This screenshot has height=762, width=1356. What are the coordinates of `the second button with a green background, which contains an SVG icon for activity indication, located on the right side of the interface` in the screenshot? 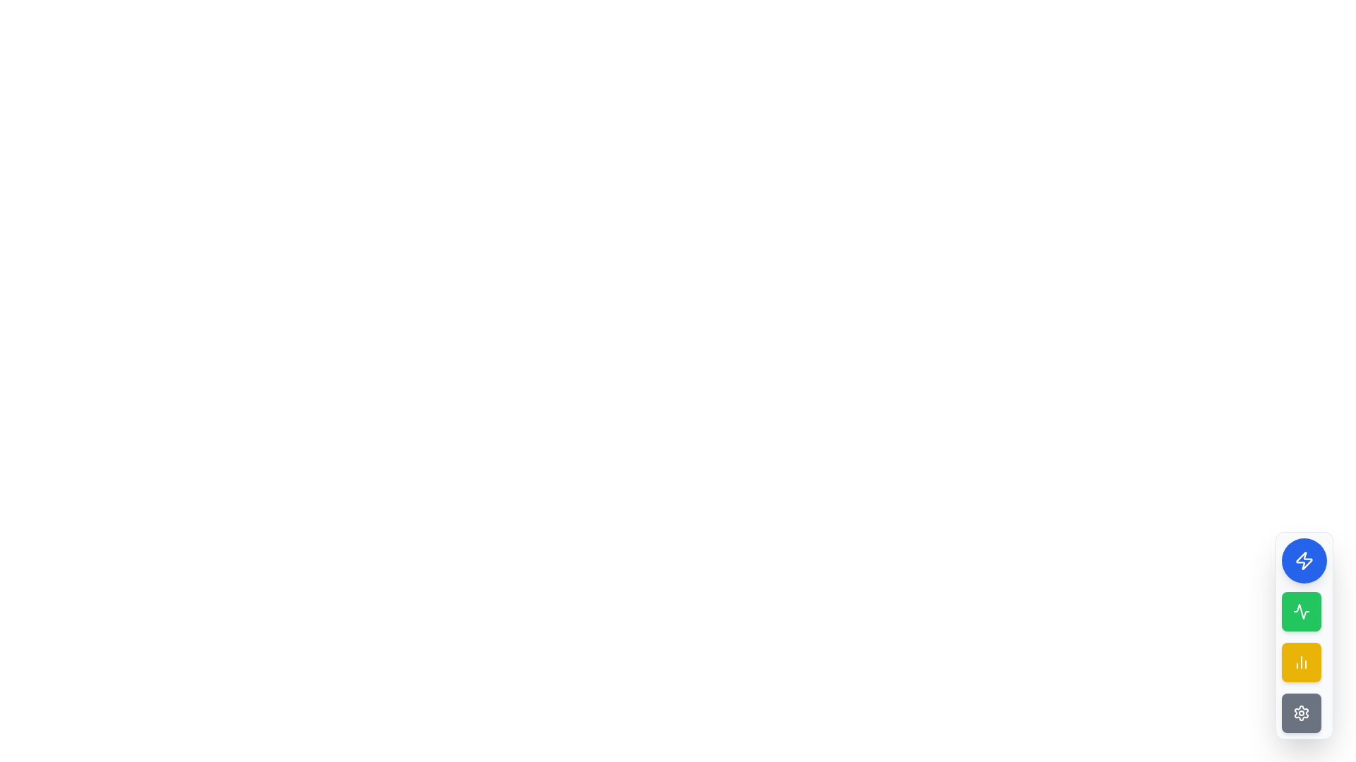 It's located at (1301, 611).